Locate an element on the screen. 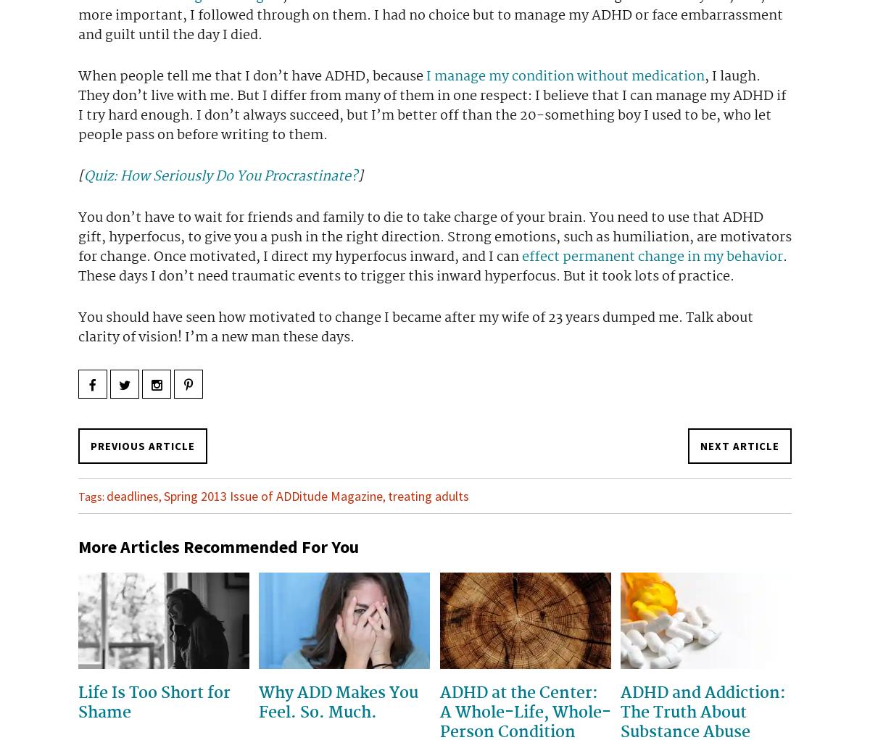  ']' is located at coordinates (360, 175).